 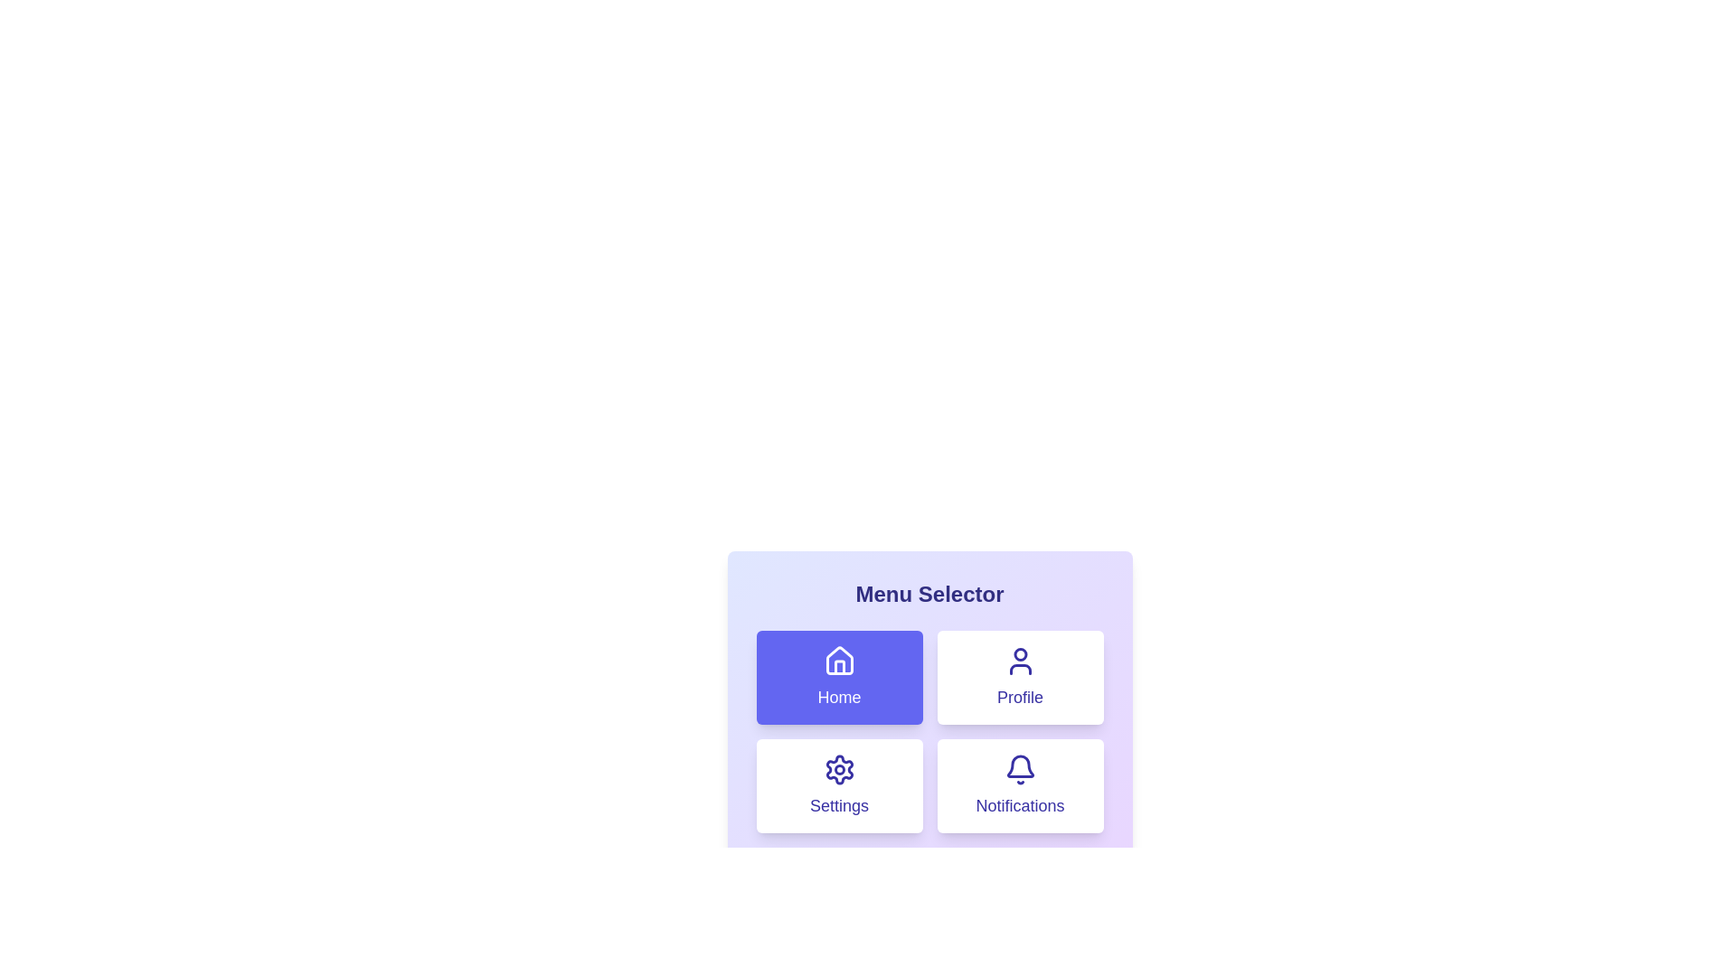 What do you see at coordinates (838, 785) in the screenshot?
I see `the menu option Settings to select it` at bounding box center [838, 785].